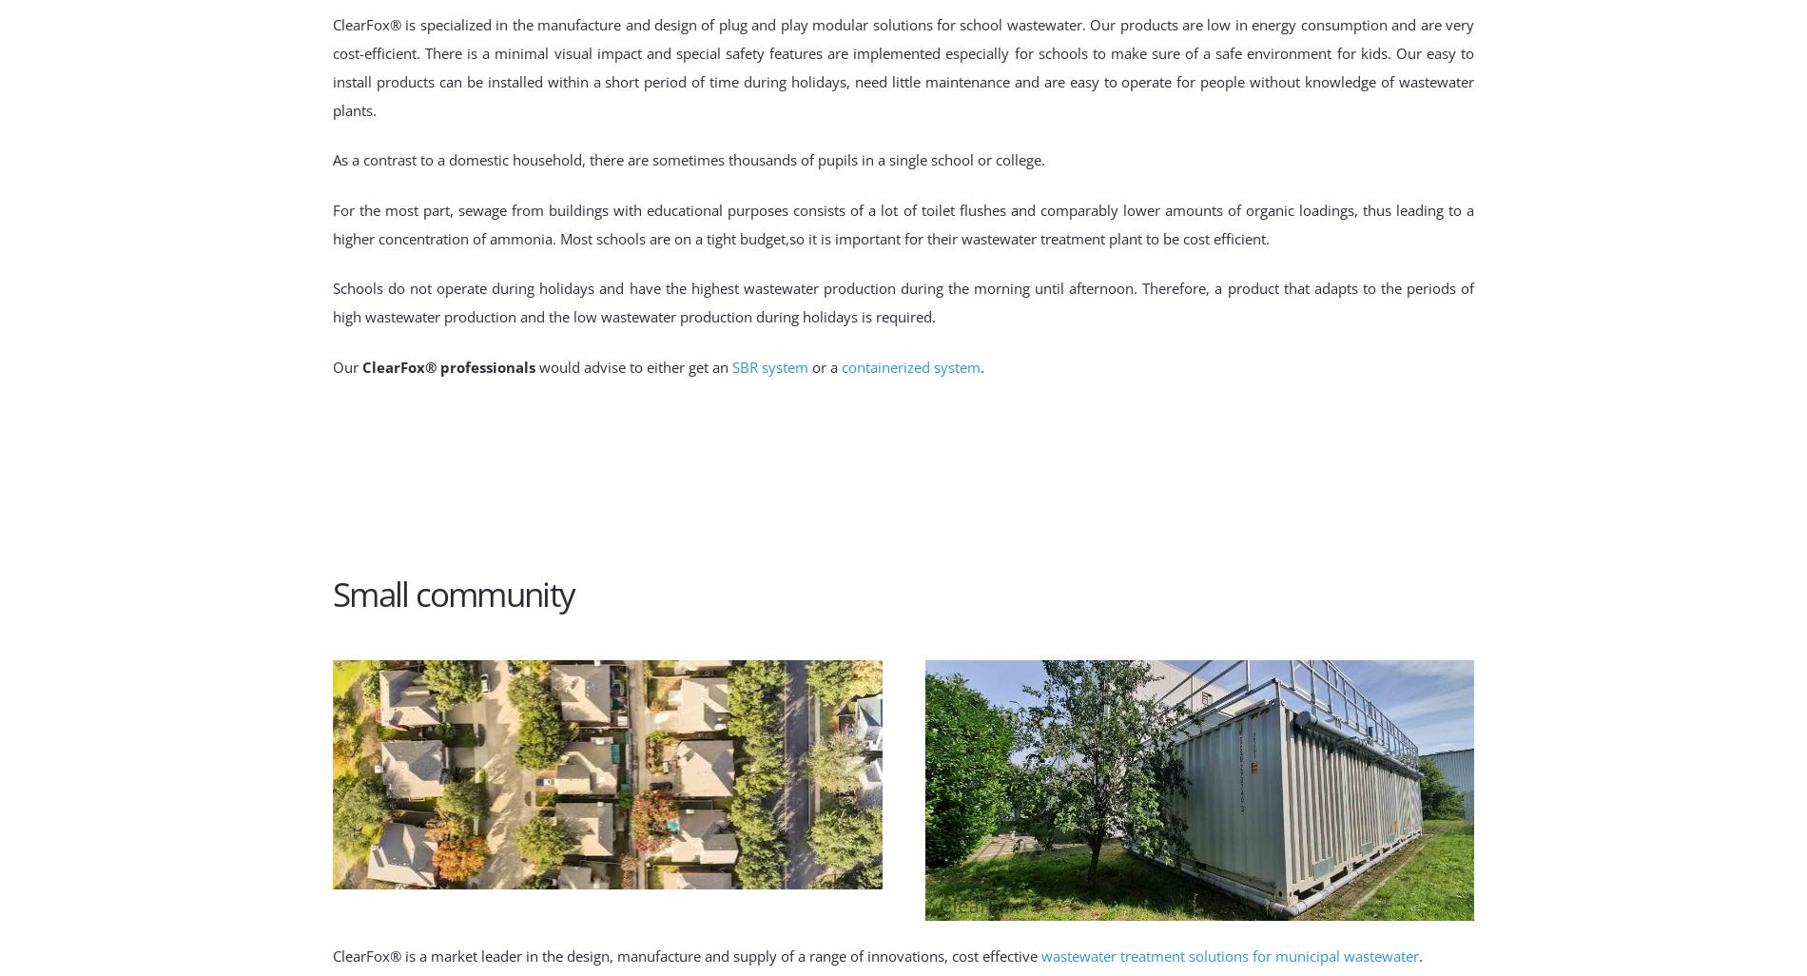 This screenshot has width=1807, height=976. I want to click on 'ClearFox® is specialized in the manufacture and design of plug and play modular solutions for school wastewater. Our products are low in energy consumption and are very cost-efficient. There is a minimal visual impact and special safety features are implemented especially for schools to make sure of a safe environment for kids. Our easy to install products can be installed within a short period of time during holidays, need little maintenance and are easy to operate for people without knowledge of wastewater plants.', so click(331, 65).